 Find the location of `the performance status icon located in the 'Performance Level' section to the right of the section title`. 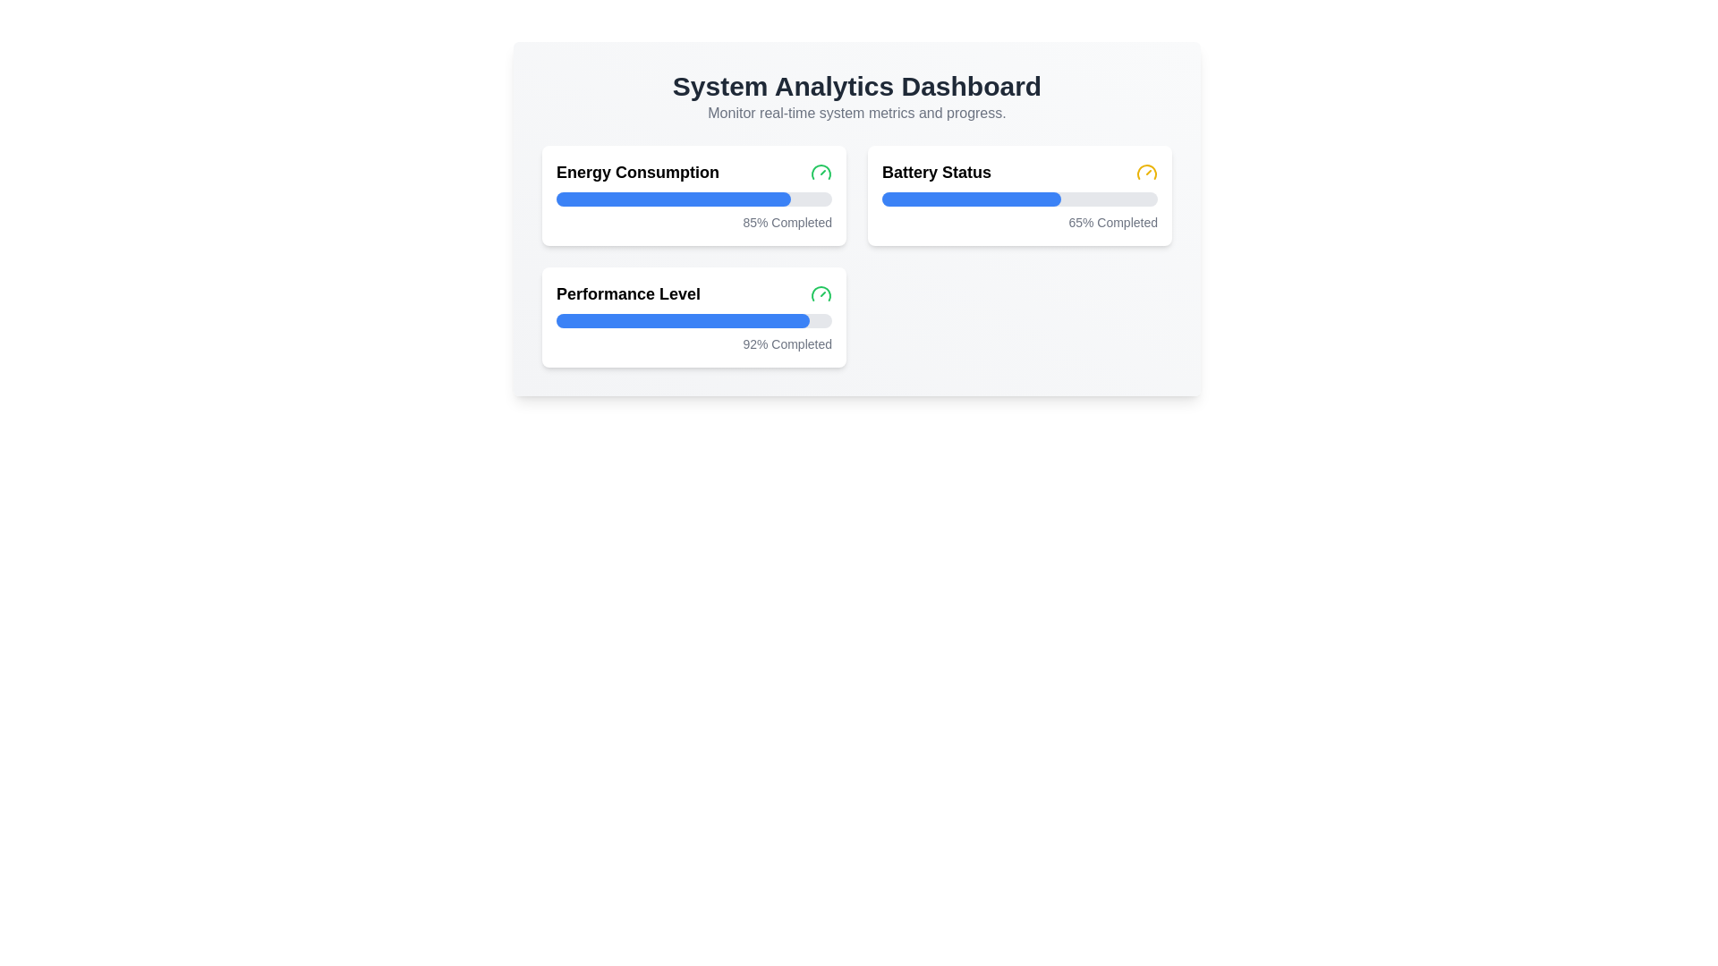

the performance status icon located in the 'Performance Level' section to the right of the section title is located at coordinates (820, 292).